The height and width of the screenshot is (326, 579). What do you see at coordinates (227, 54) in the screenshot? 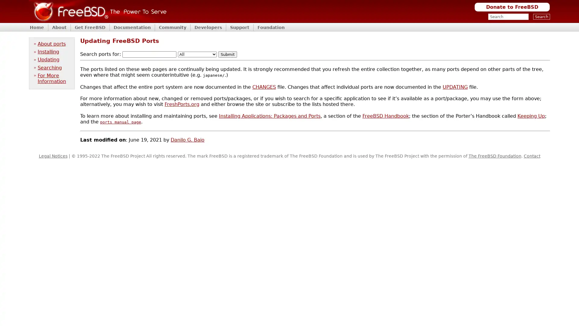
I see `Submit` at bounding box center [227, 54].